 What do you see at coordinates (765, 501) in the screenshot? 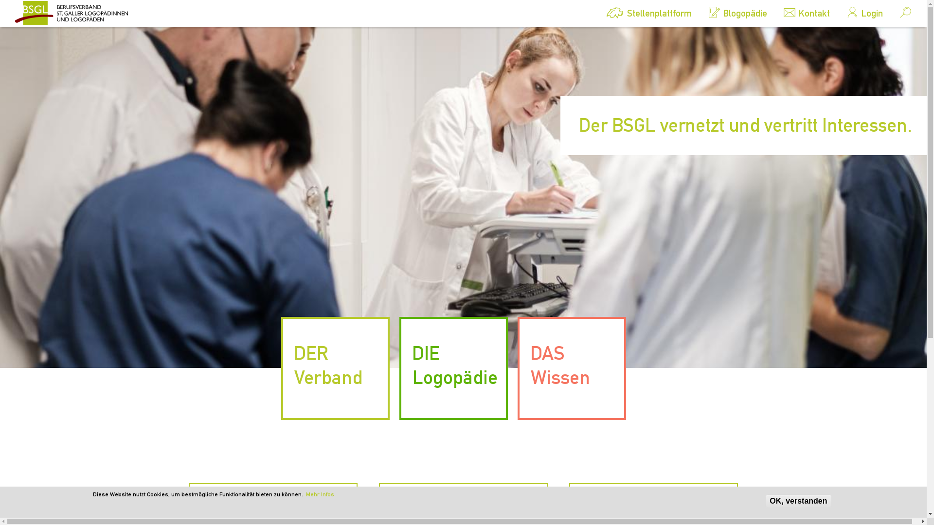
I see `'OK, verstanden'` at bounding box center [765, 501].